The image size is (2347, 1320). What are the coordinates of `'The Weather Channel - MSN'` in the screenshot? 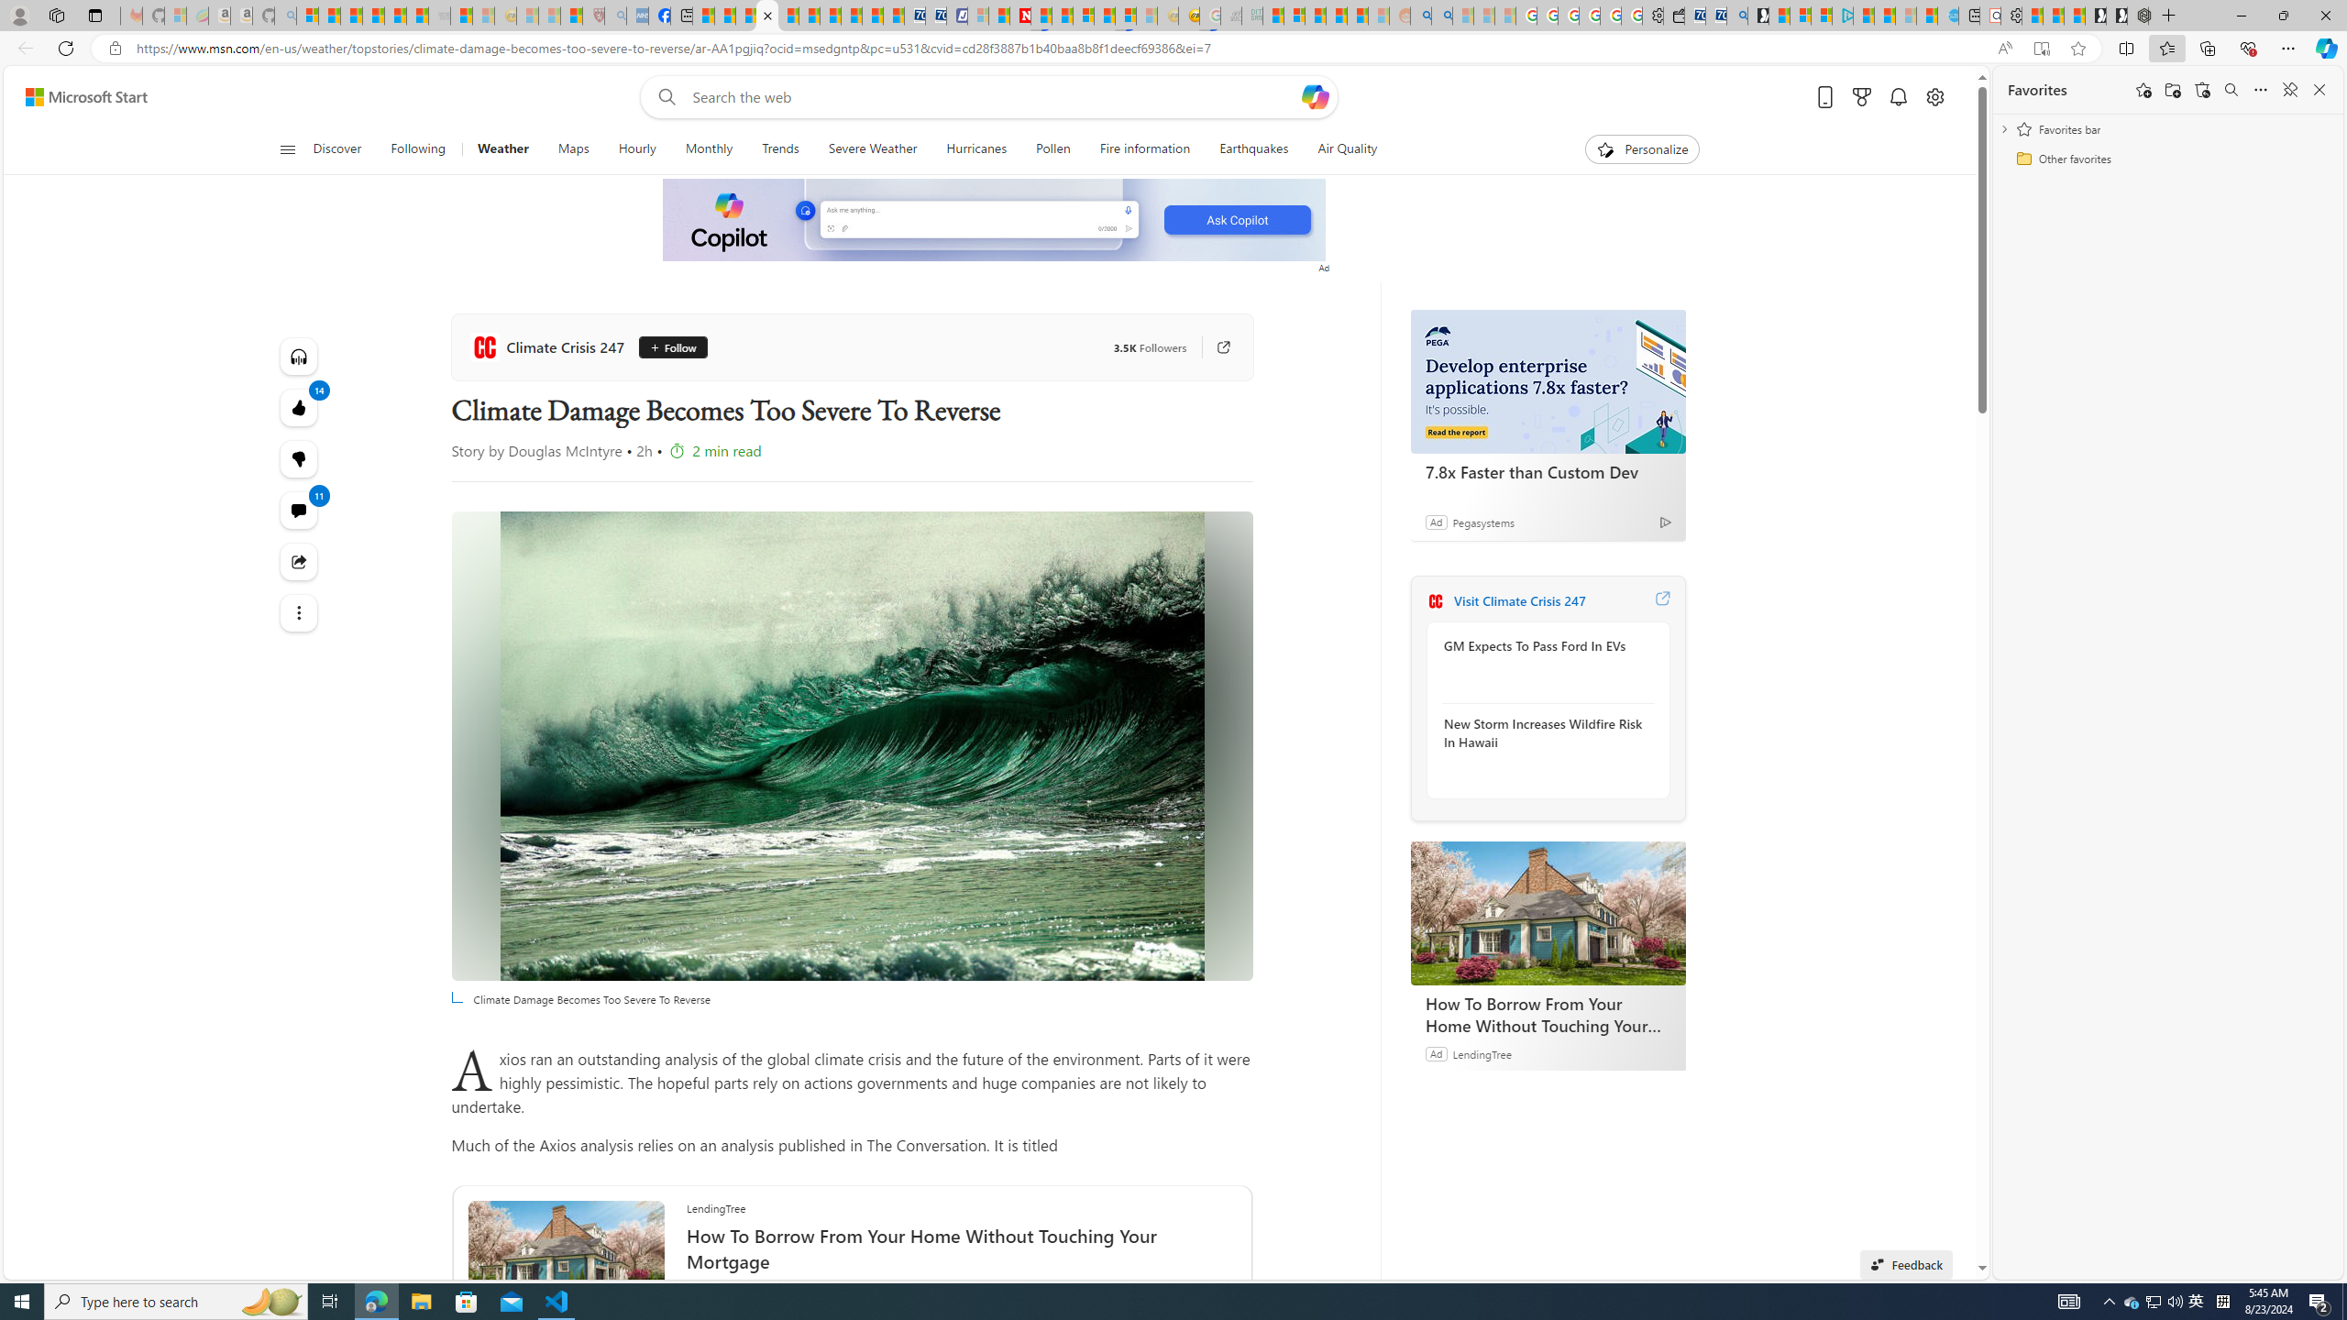 It's located at (351, 15).